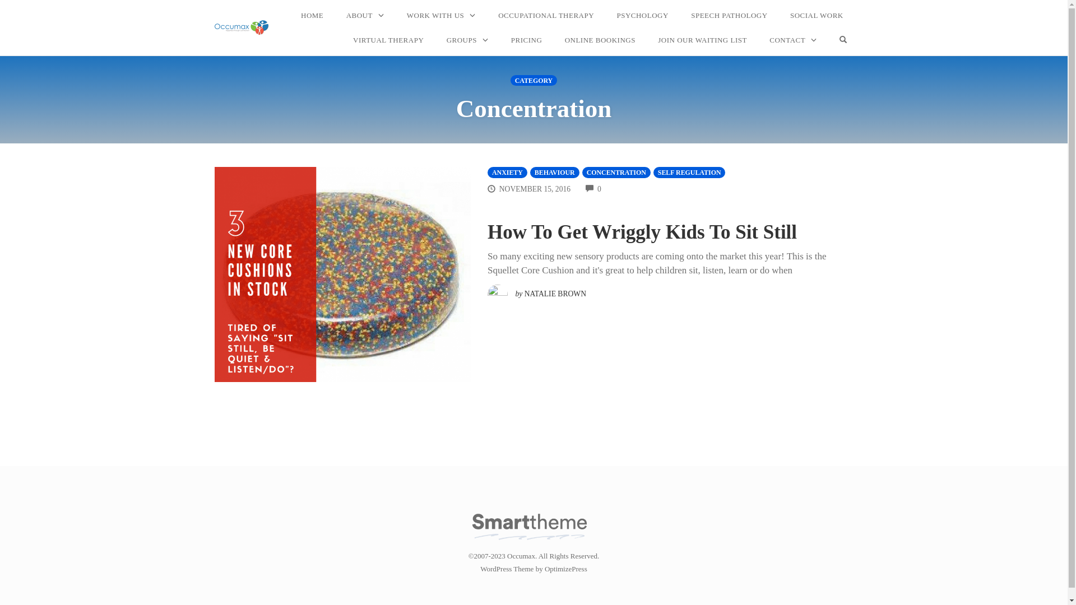  I want to click on 'ABOUT', so click(365, 15).